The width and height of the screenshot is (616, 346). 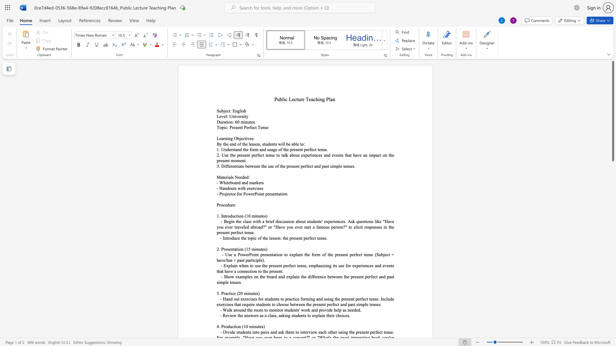 What do you see at coordinates (232, 194) in the screenshot?
I see `the space between the continuous character "t" and "o" in the text` at bounding box center [232, 194].